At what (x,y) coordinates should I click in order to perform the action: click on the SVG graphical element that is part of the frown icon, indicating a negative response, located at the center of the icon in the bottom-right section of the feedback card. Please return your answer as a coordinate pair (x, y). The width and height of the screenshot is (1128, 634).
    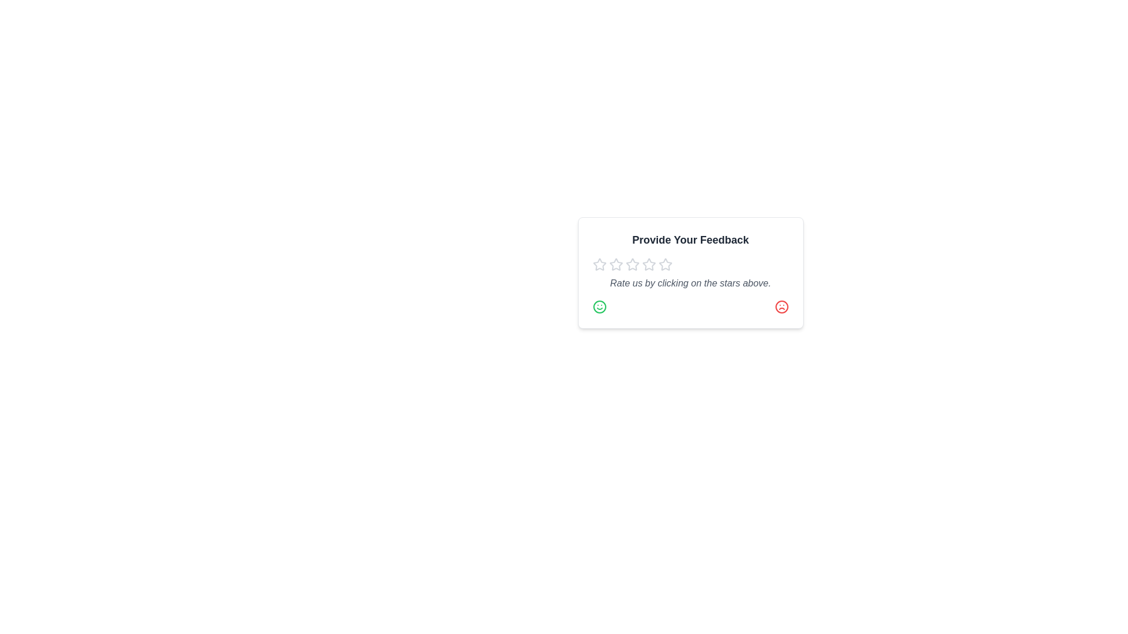
    Looking at the image, I should click on (781, 306).